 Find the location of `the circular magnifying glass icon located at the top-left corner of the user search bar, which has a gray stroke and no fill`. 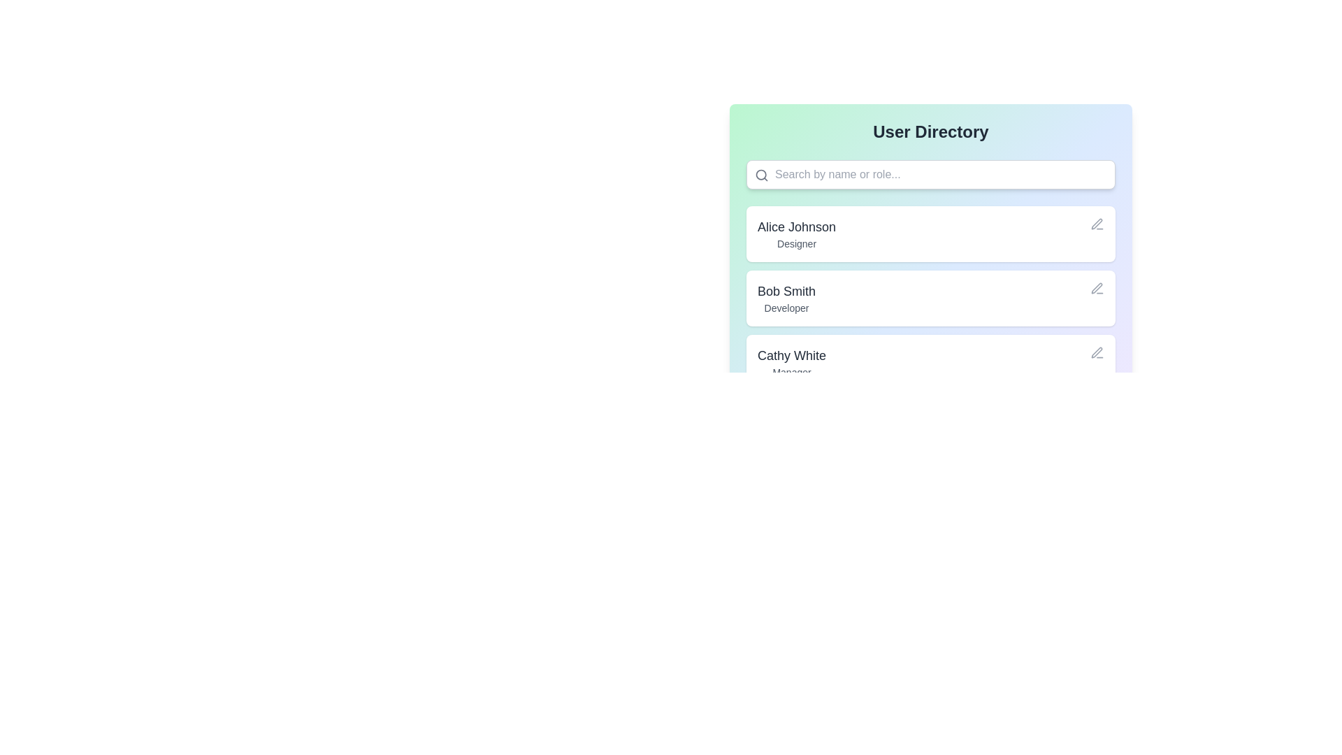

the circular magnifying glass icon located at the top-left corner of the user search bar, which has a gray stroke and no fill is located at coordinates (760, 174).